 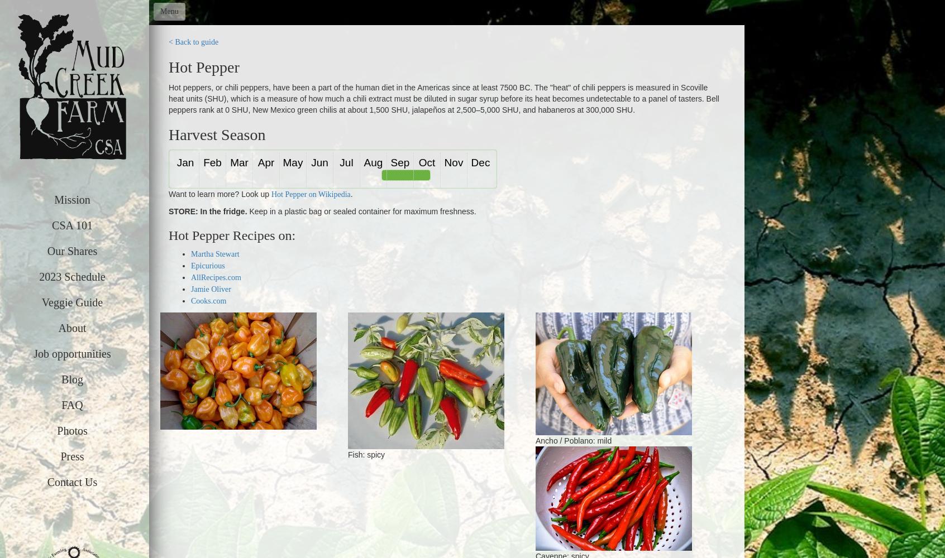 I want to click on 'Job opportunities', so click(x=71, y=354).